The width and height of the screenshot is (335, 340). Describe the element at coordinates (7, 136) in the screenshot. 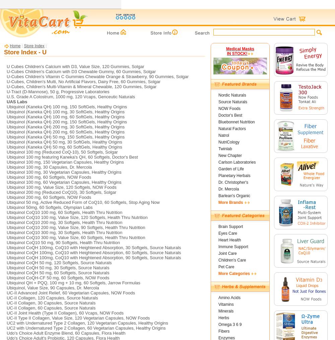

I see `'Ubiquinol (Kaneka QH) 50 mg, 150 SoftGels, Healthy Origins'` at that location.